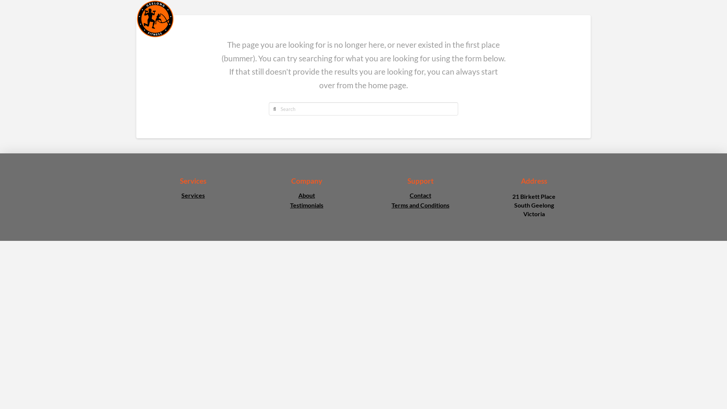 The width and height of the screenshot is (727, 409). What do you see at coordinates (466, 19) in the screenshot?
I see `'POSTNATAL'` at bounding box center [466, 19].